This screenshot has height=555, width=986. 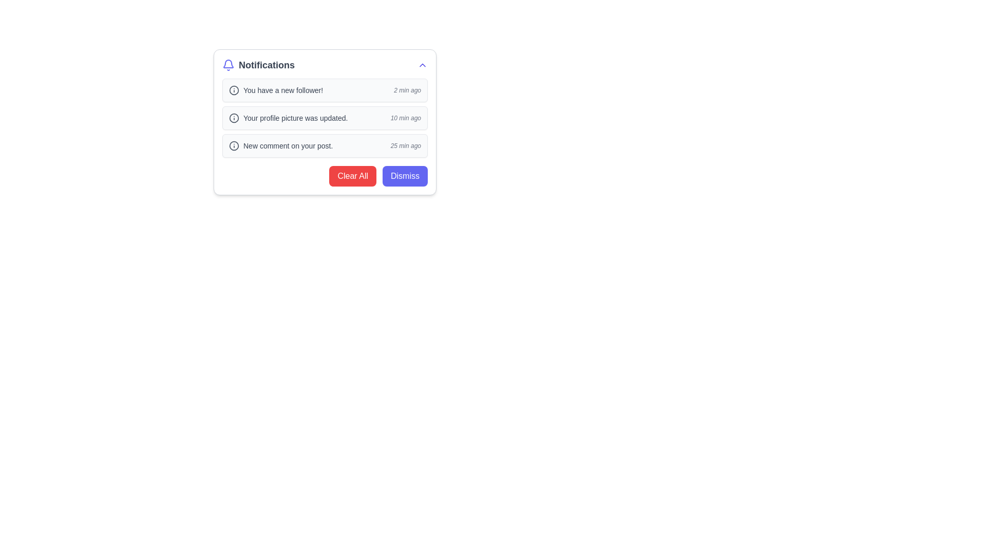 What do you see at coordinates (295, 118) in the screenshot?
I see `the static text label that informs the user about the successful update of their profile picture, located in the second row of the notifications list` at bounding box center [295, 118].